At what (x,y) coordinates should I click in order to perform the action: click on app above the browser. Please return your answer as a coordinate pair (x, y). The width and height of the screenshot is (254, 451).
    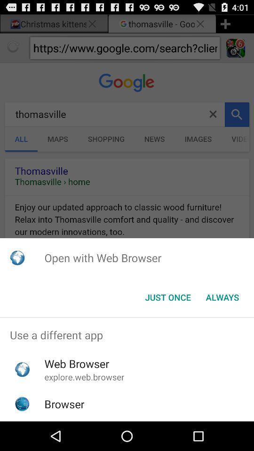
    Looking at the image, I should click on (84, 377).